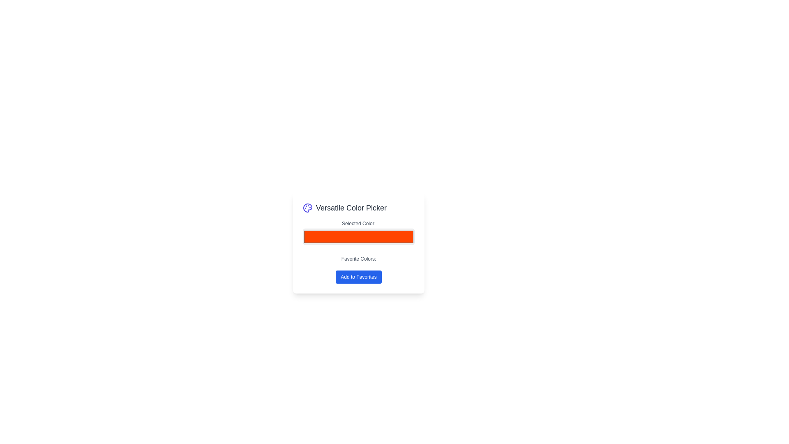 This screenshot has height=444, width=789. I want to click on the static text label that serves as a section label for managing favorite colors, located in the middle-lower section of the card interface, so click(359, 258).